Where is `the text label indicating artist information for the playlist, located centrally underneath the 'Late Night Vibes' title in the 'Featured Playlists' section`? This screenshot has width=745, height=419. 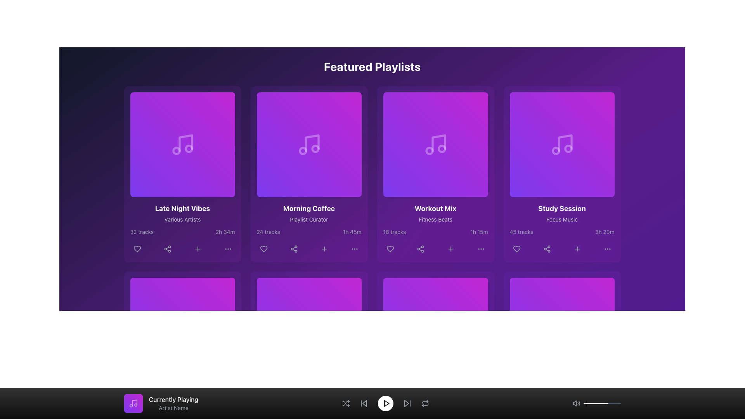
the text label indicating artist information for the playlist, located centrally underneath the 'Late Night Vibes' title in the 'Featured Playlists' section is located at coordinates (182, 220).